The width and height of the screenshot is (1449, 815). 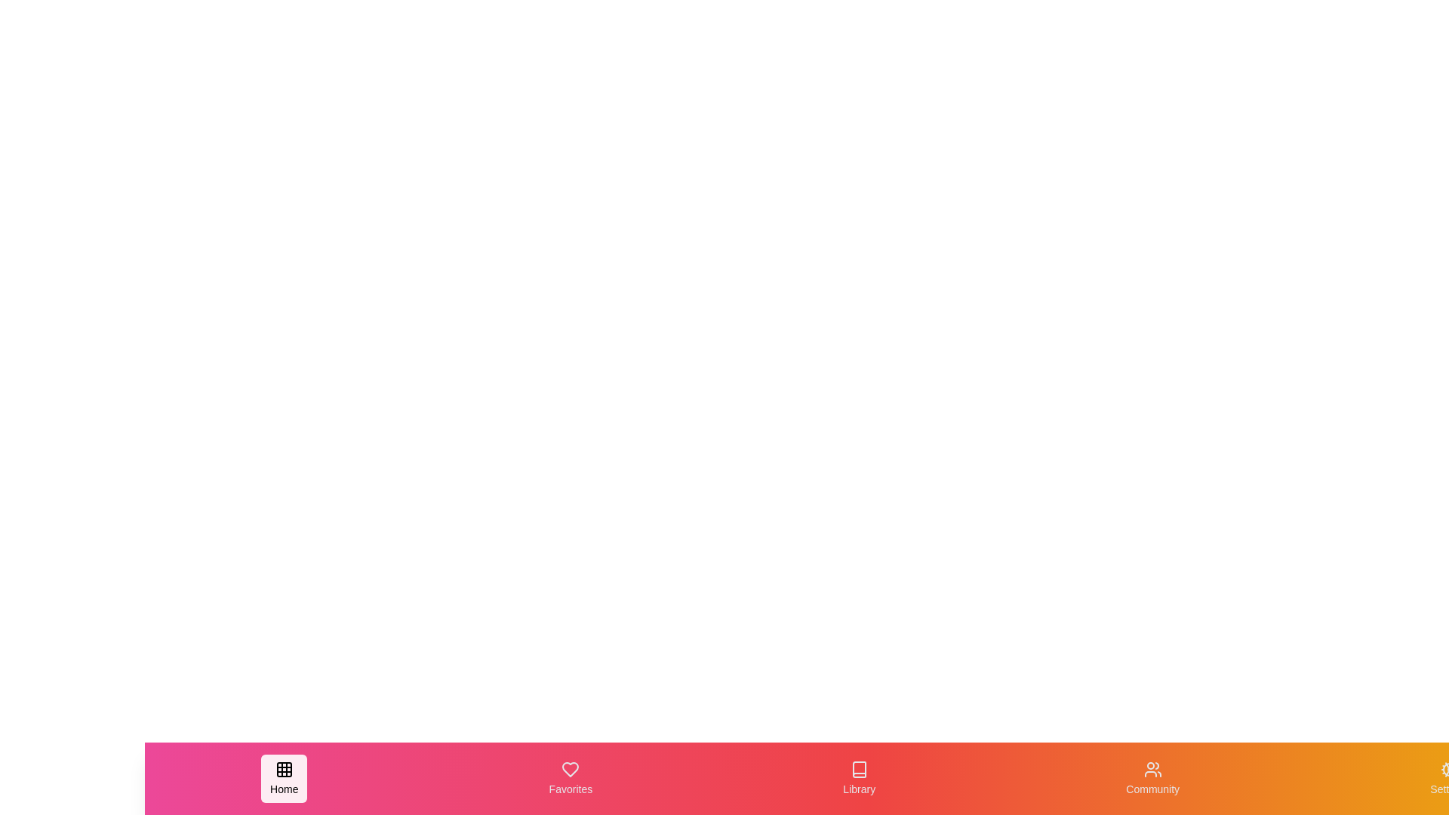 What do you see at coordinates (859, 779) in the screenshot?
I see `the navigation item Library` at bounding box center [859, 779].